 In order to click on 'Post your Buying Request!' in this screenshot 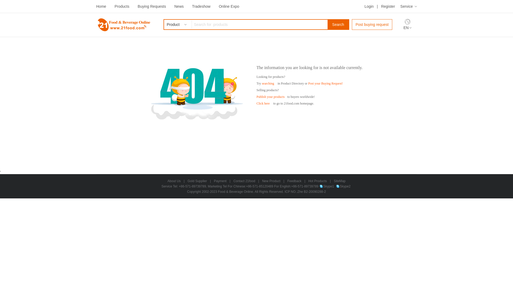, I will do `click(308, 83)`.